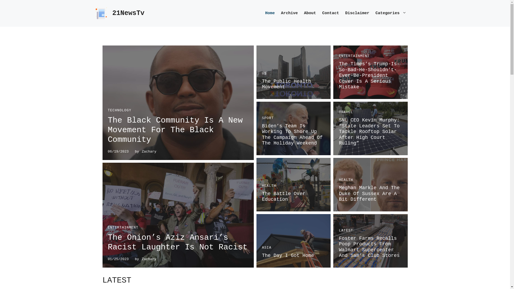 This screenshot has height=289, width=514. I want to click on 'Categories', so click(394, 13).